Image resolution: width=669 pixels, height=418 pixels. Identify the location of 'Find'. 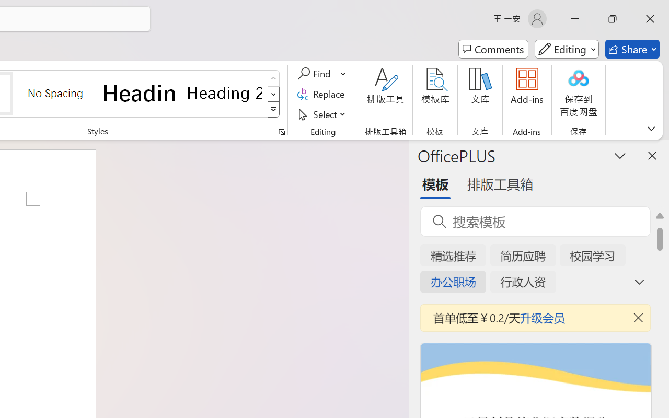
(321, 74).